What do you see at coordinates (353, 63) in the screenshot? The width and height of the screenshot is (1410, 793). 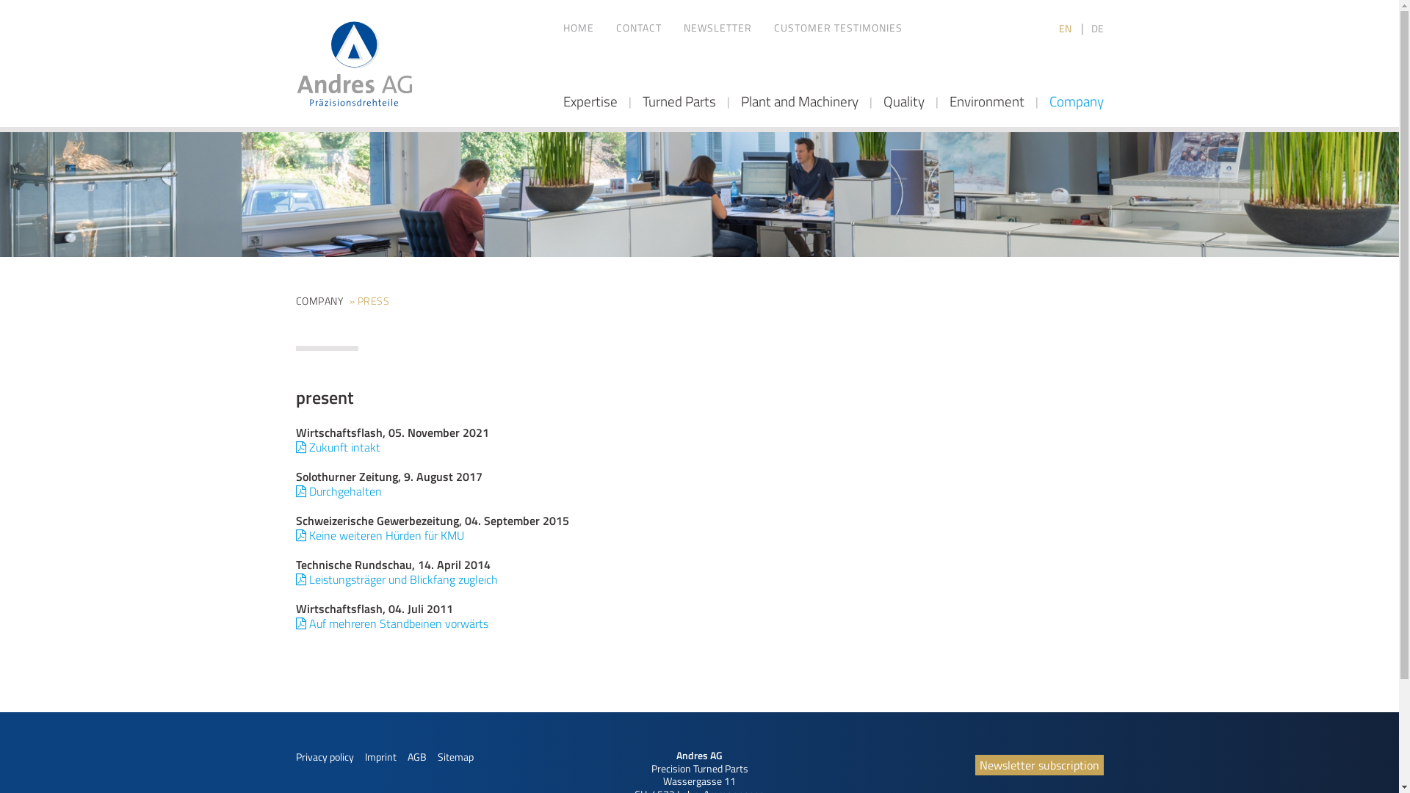 I see `'Andres AG'` at bounding box center [353, 63].